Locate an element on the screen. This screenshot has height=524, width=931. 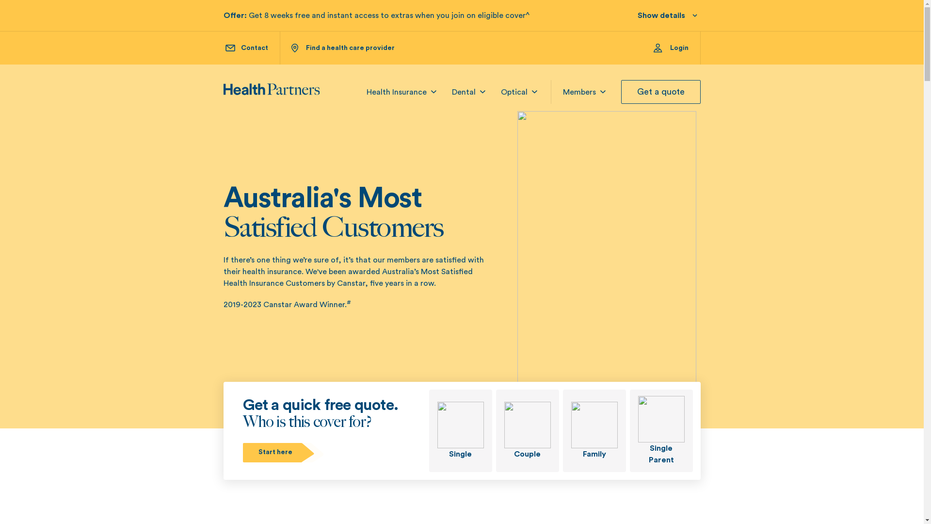
'Members' is located at coordinates (579, 92).